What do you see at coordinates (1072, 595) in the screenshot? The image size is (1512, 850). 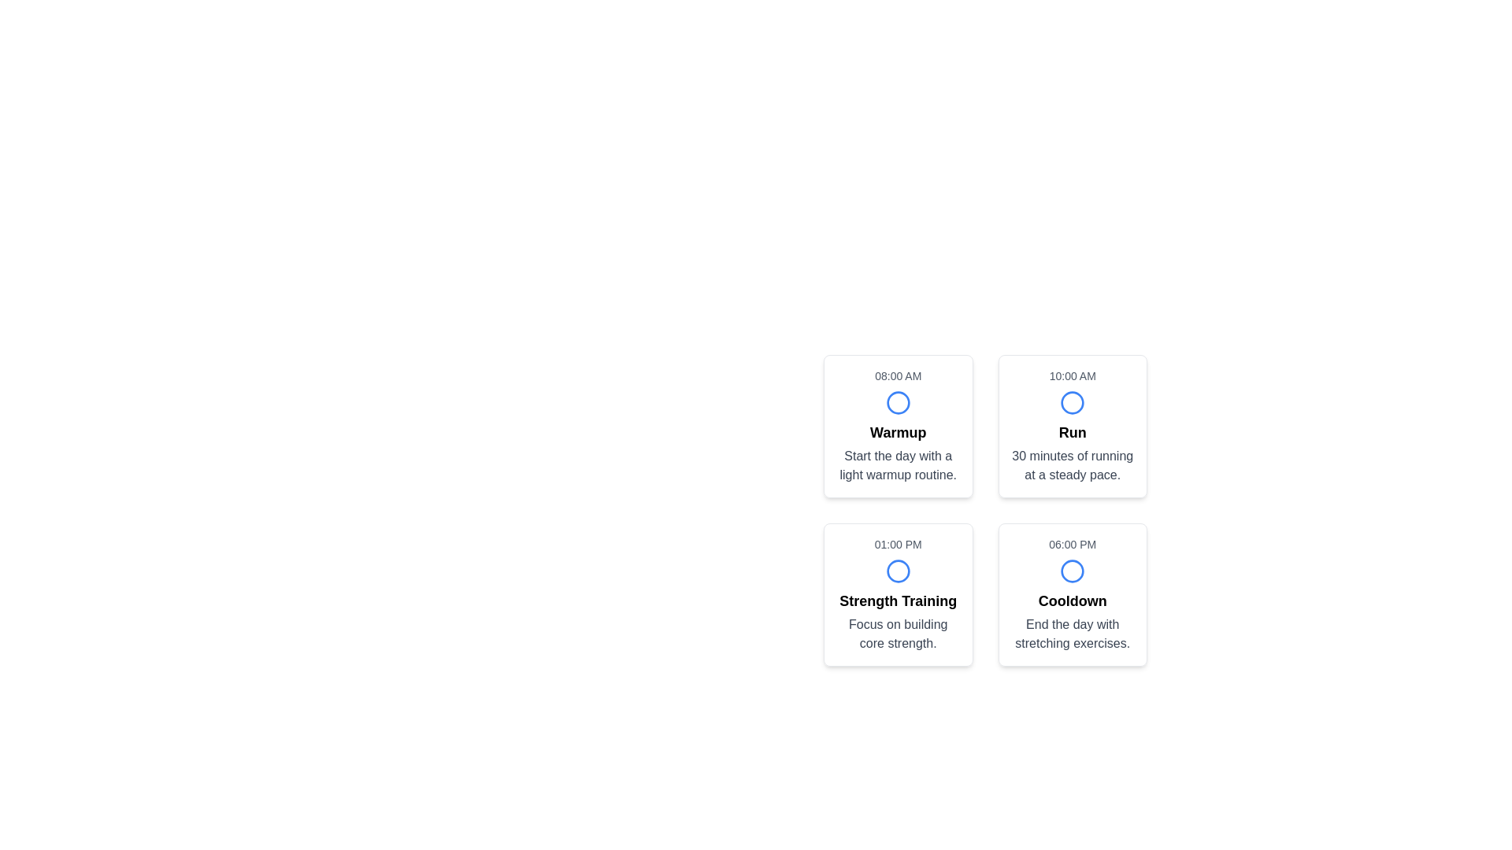 I see `the Card UI component representing a scheduled entry in the daily routine chart, located at the bottom-right corner of the grid layout` at bounding box center [1072, 595].